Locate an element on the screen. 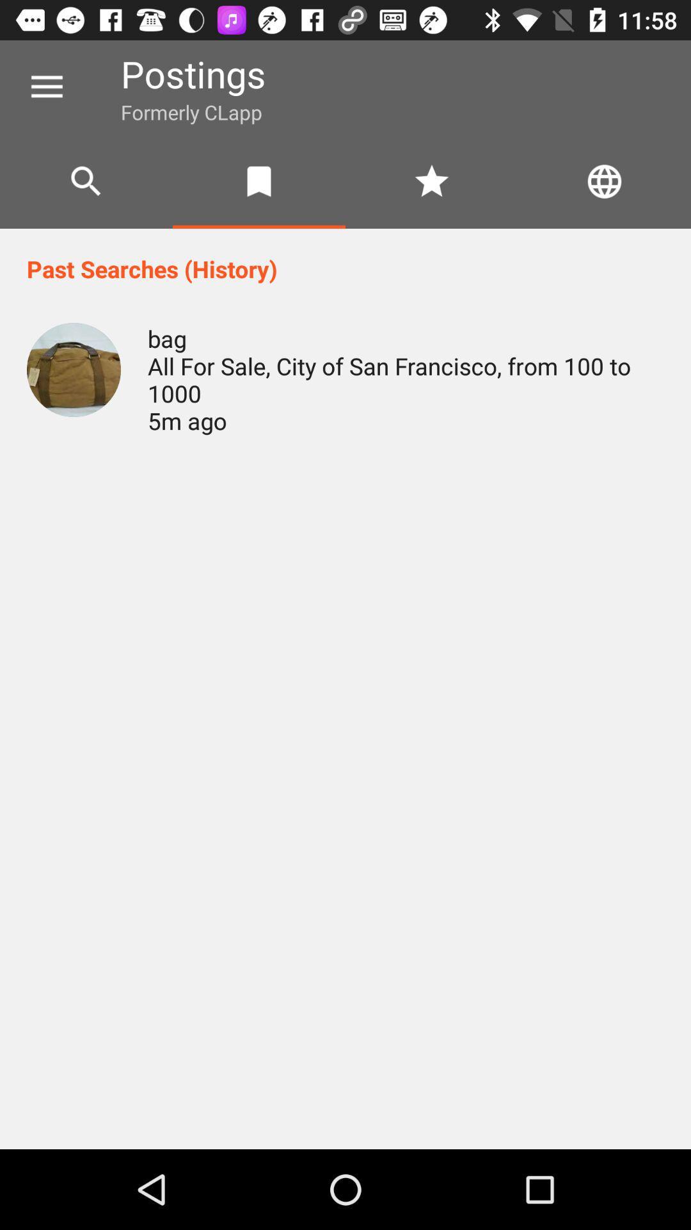 This screenshot has width=691, height=1230. item next to the postings item is located at coordinates (46, 86).